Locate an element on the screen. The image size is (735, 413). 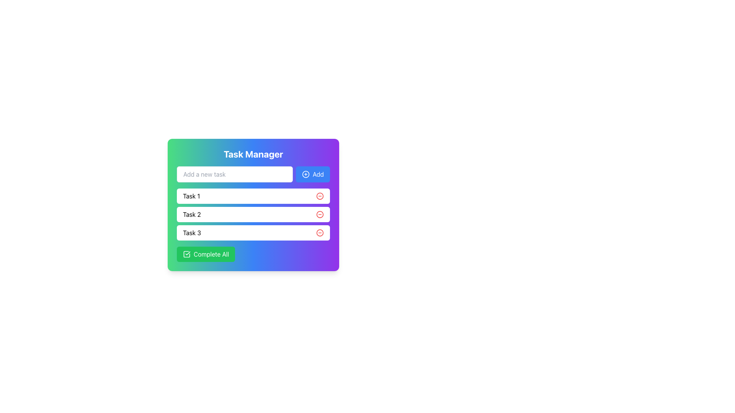
the delete button for 'Task 3' is located at coordinates (320, 233).